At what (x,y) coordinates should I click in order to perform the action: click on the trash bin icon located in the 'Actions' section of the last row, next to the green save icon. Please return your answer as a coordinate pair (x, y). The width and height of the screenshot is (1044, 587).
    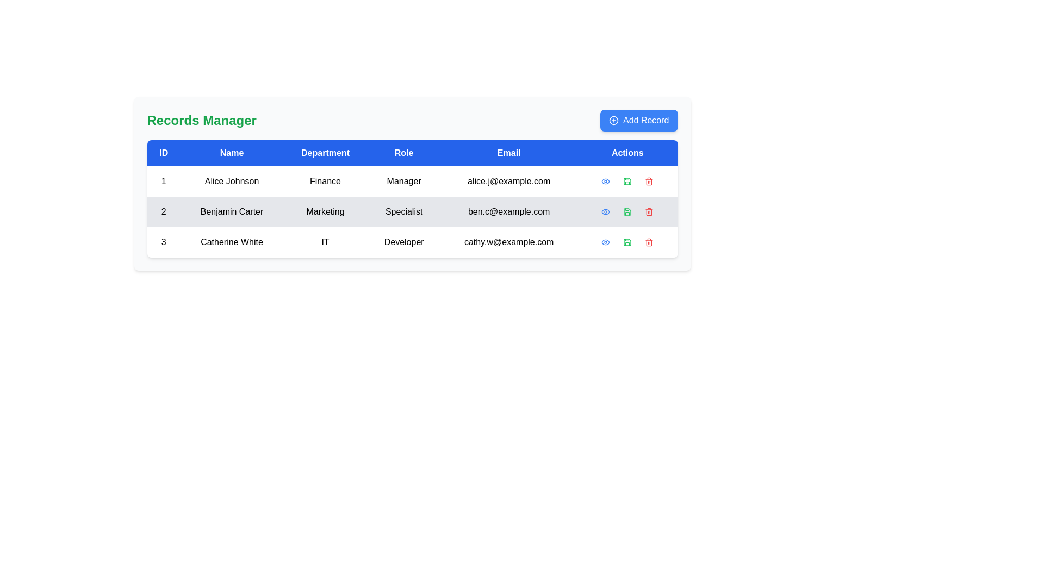
    Looking at the image, I should click on (649, 242).